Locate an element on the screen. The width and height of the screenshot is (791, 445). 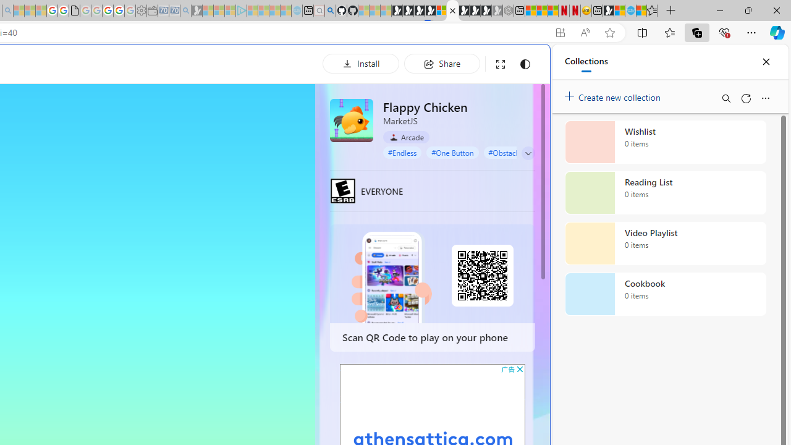
'App available. Install Flappy Chicken' is located at coordinates (559, 32).